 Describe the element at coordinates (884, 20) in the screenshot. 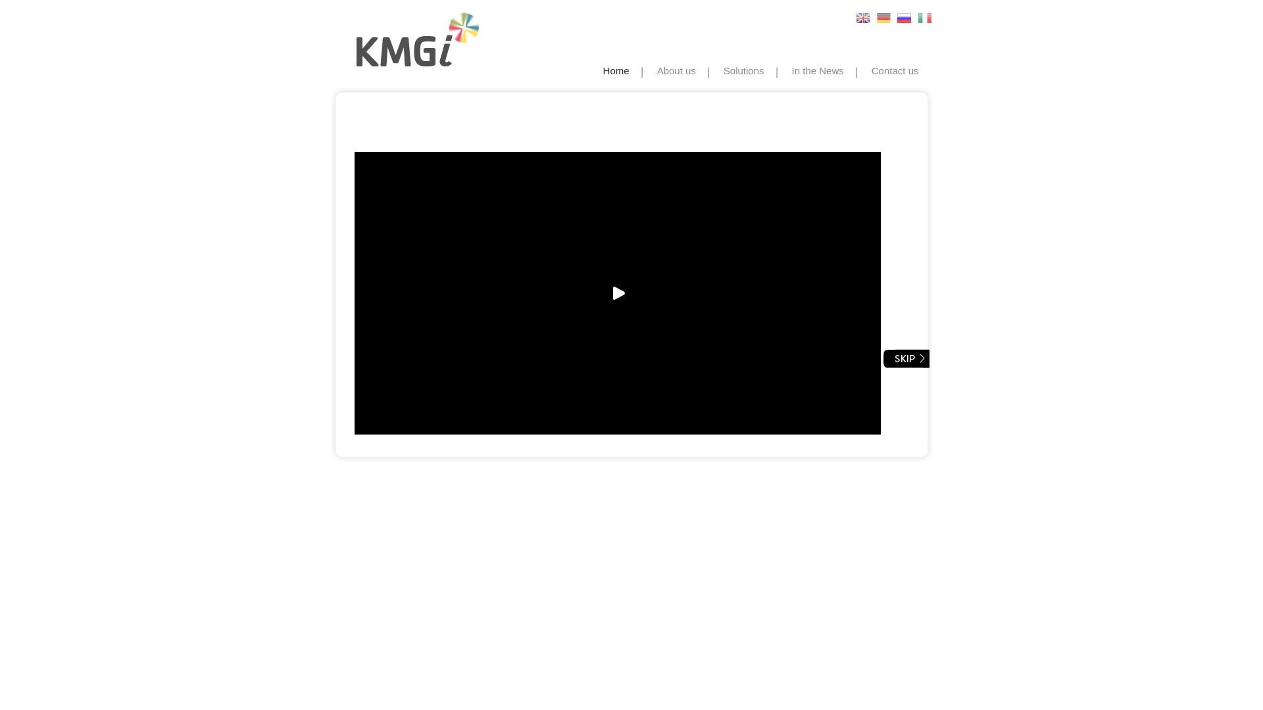

I see `'German'` at that location.